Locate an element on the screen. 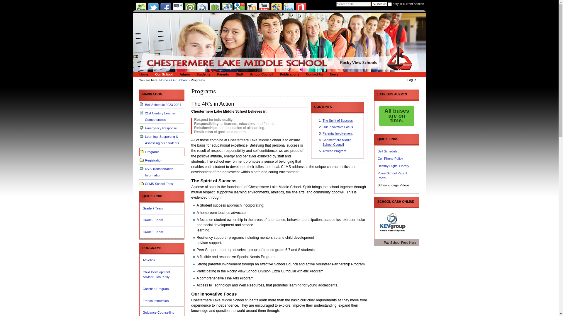 The width and height of the screenshot is (563, 316). 'All buses are on time.' is located at coordinates (397, 116).